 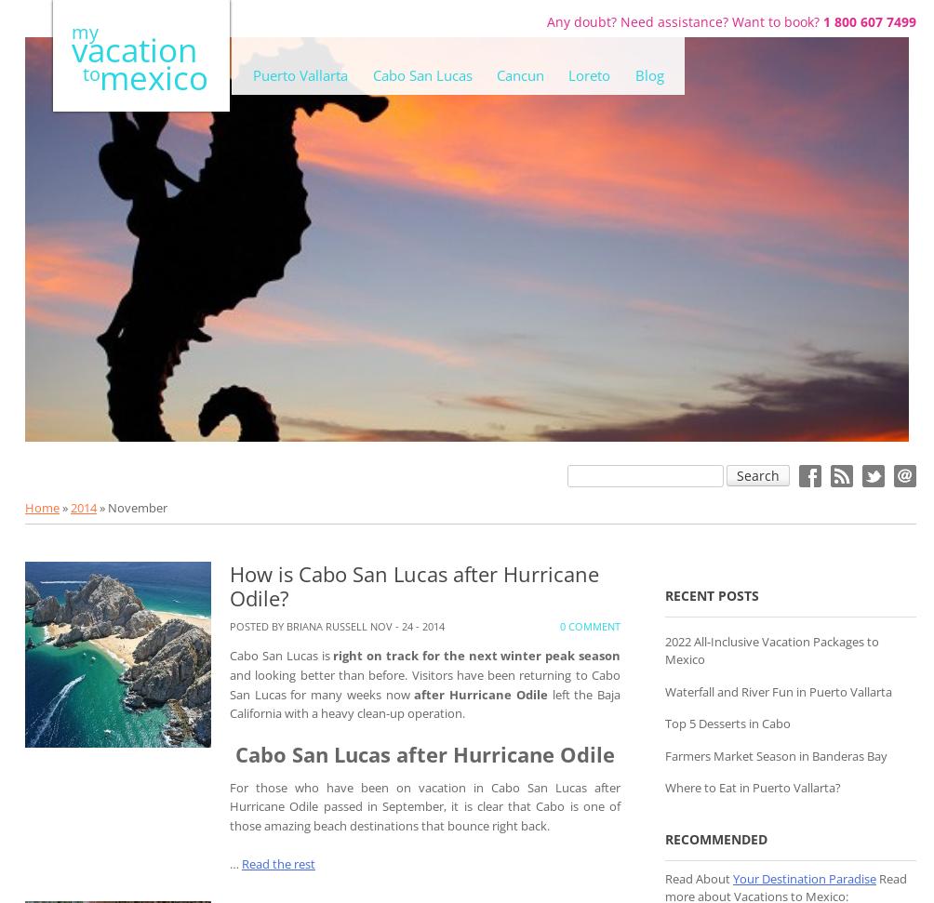 I want to click on 'to', so click(x=82, y=73).